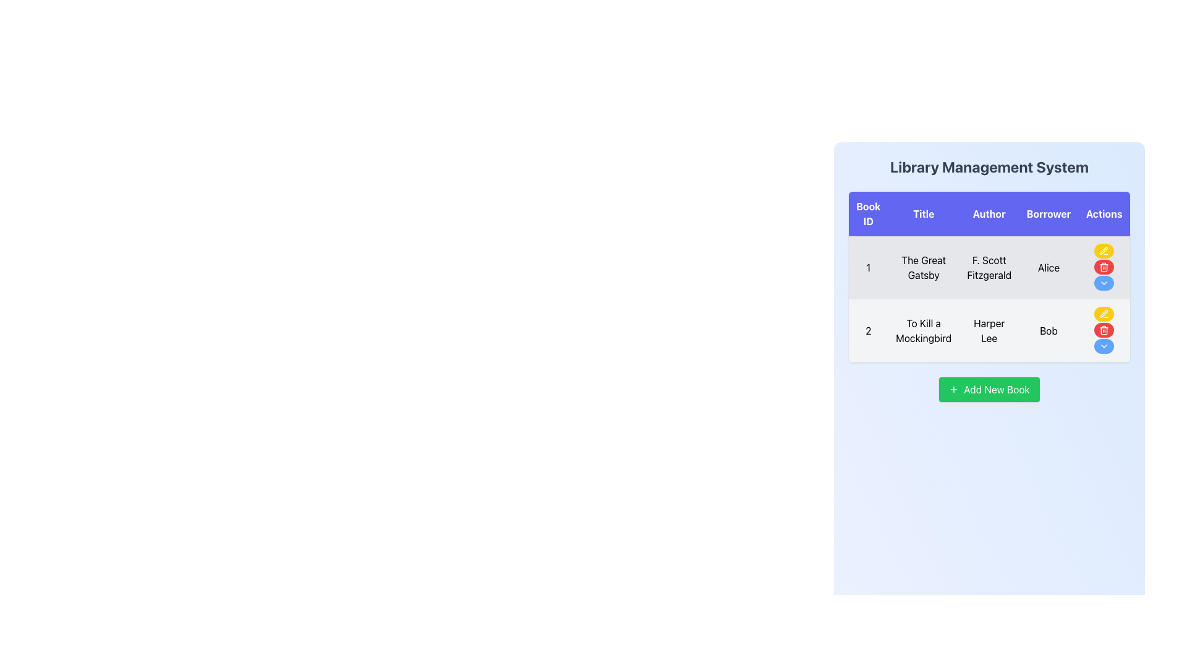 The height and width of the screenshot is (668, 1187). Describe the element at coordinates (1104, 250) in the screenshot. I see `the 'edit' icon represented by a pen in the Actions column of the second row in the table` at that location.